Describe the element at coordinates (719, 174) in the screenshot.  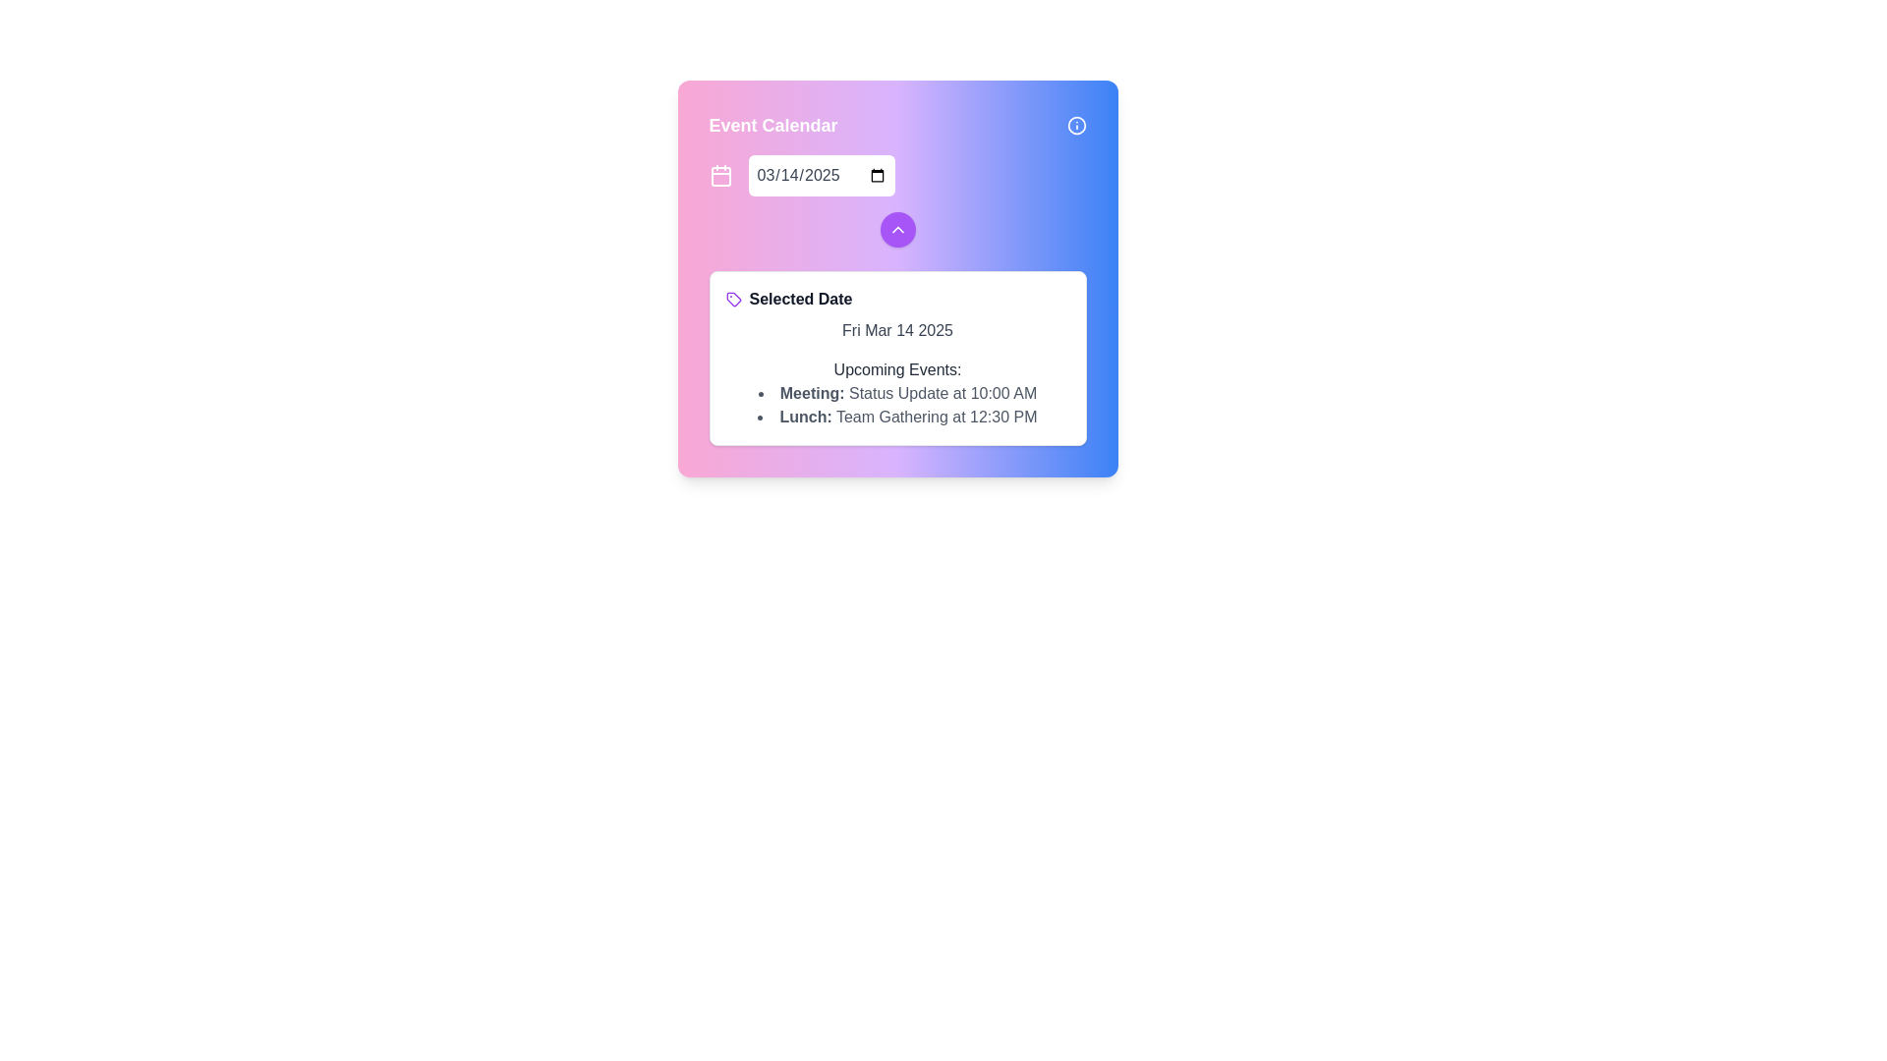
I see `the calendar icon, which is a small SVG with a white color, located` at that location.